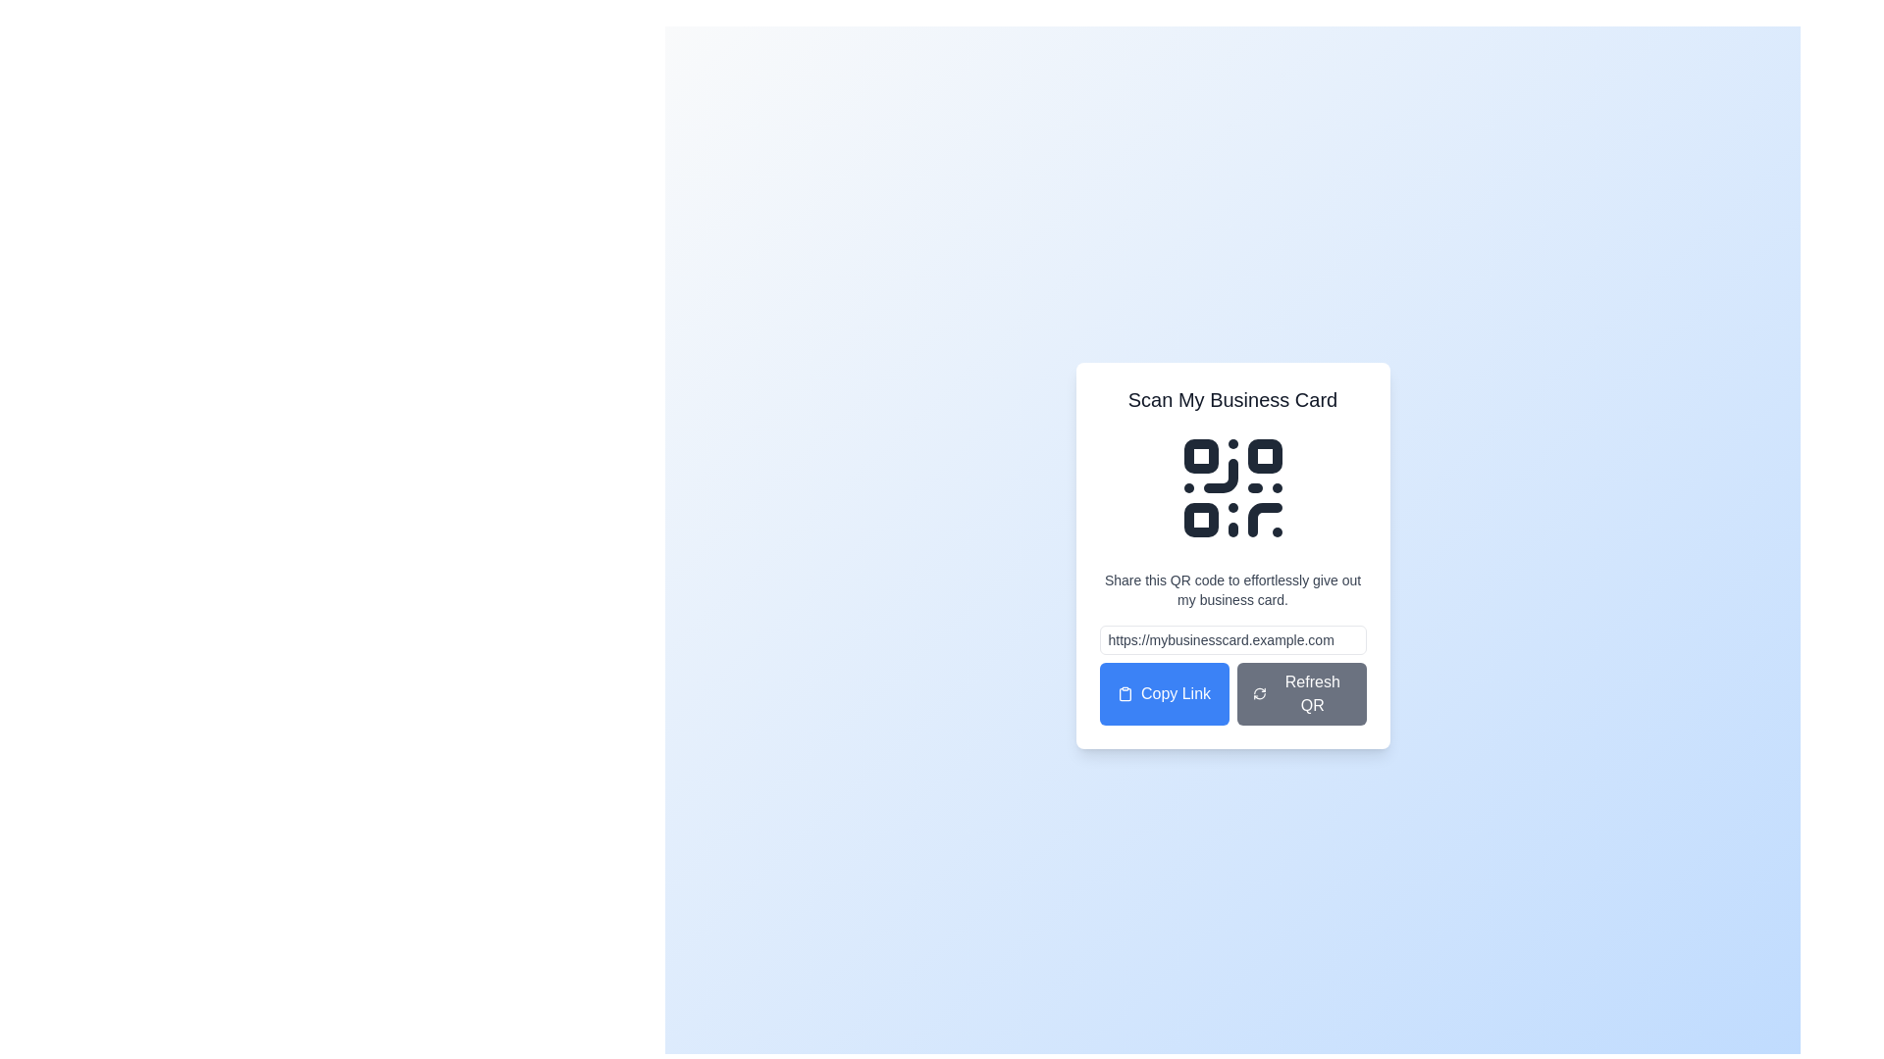 The height and width of the screenshot is (1059, 1884). I want to click on the text display field that shows 'https://mybusinesscard.example.com', so click(1231, 639).